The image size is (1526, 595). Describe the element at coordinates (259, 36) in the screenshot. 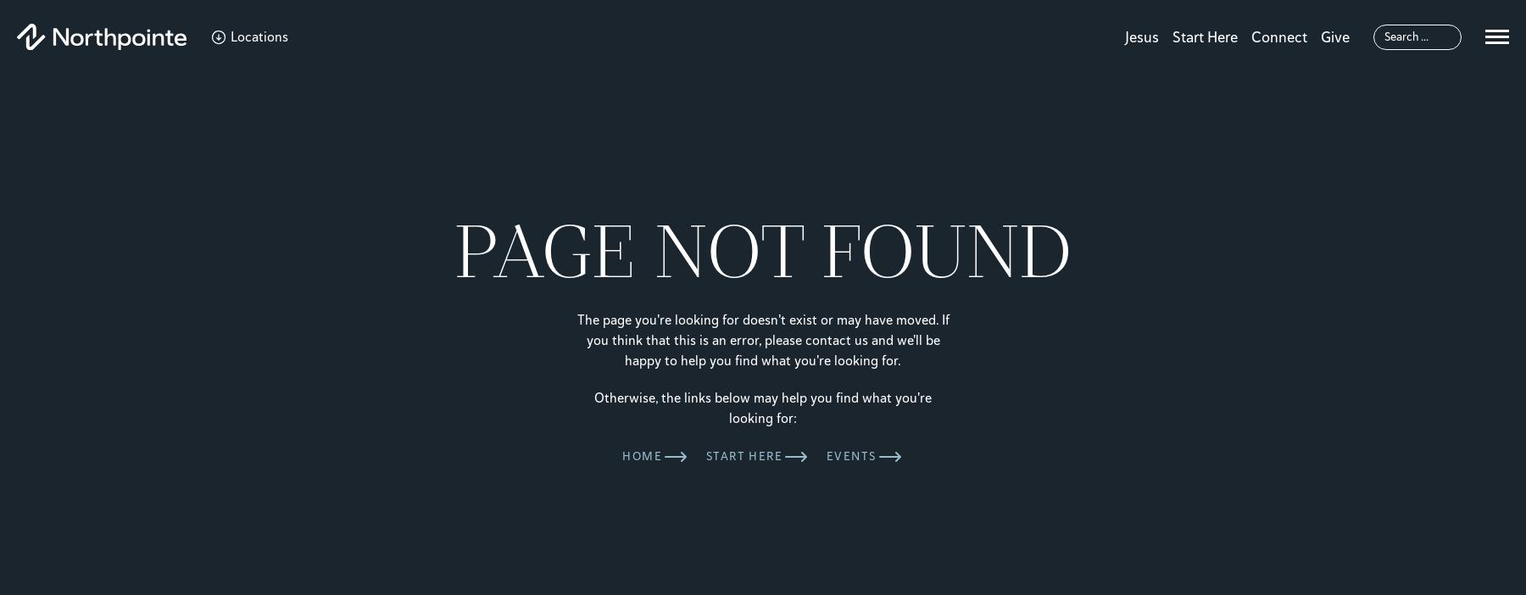

I see `'Locations'` at that location.